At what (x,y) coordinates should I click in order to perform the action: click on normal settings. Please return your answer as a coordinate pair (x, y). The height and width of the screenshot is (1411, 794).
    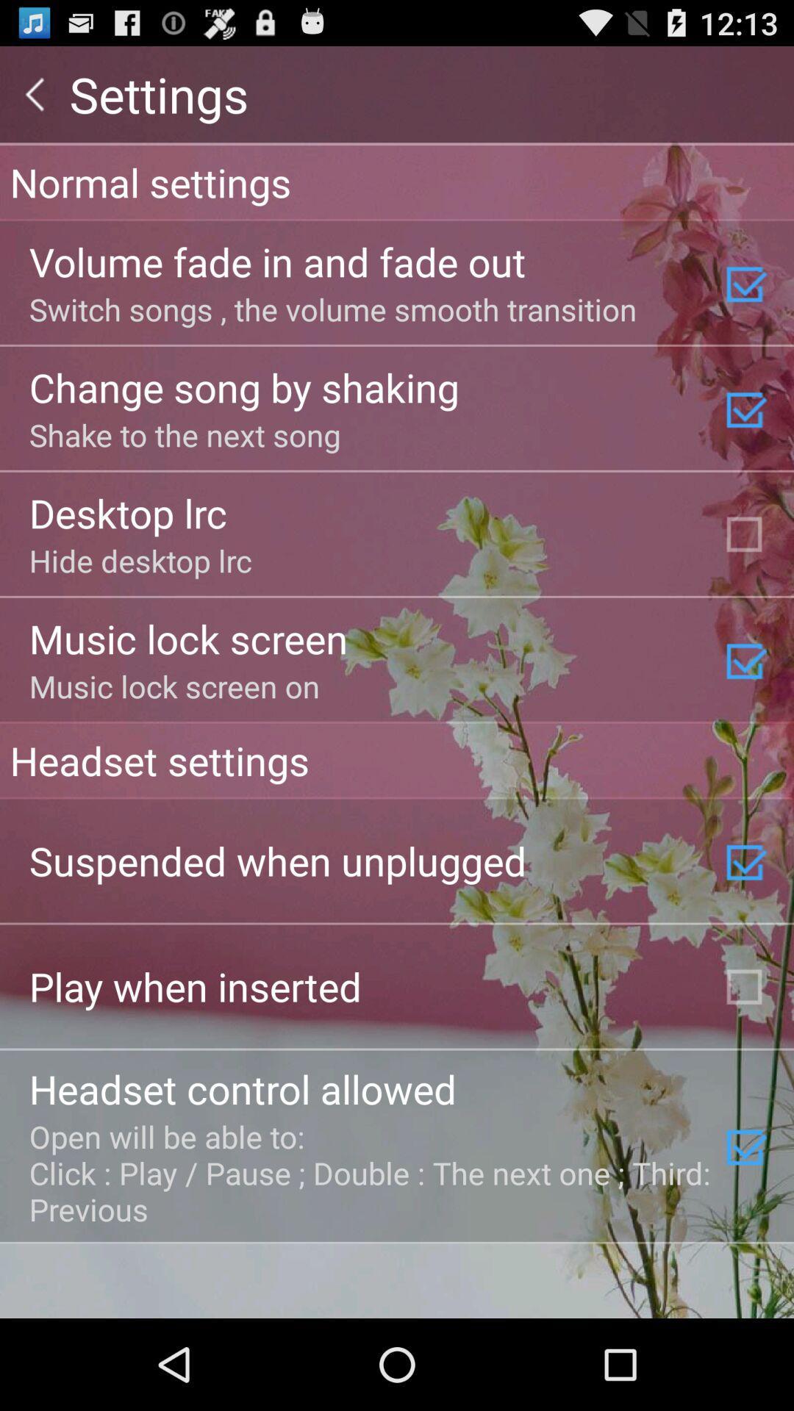
    Looking at the image, I should click on (397, 181).